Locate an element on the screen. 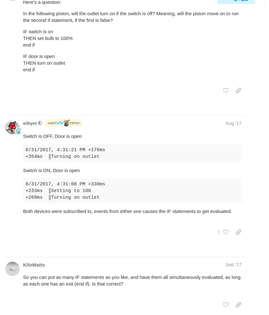 Image resolution: width=269 pixels, height=315 pixels. 'Aug '17' is located at coordinates (233, 123).